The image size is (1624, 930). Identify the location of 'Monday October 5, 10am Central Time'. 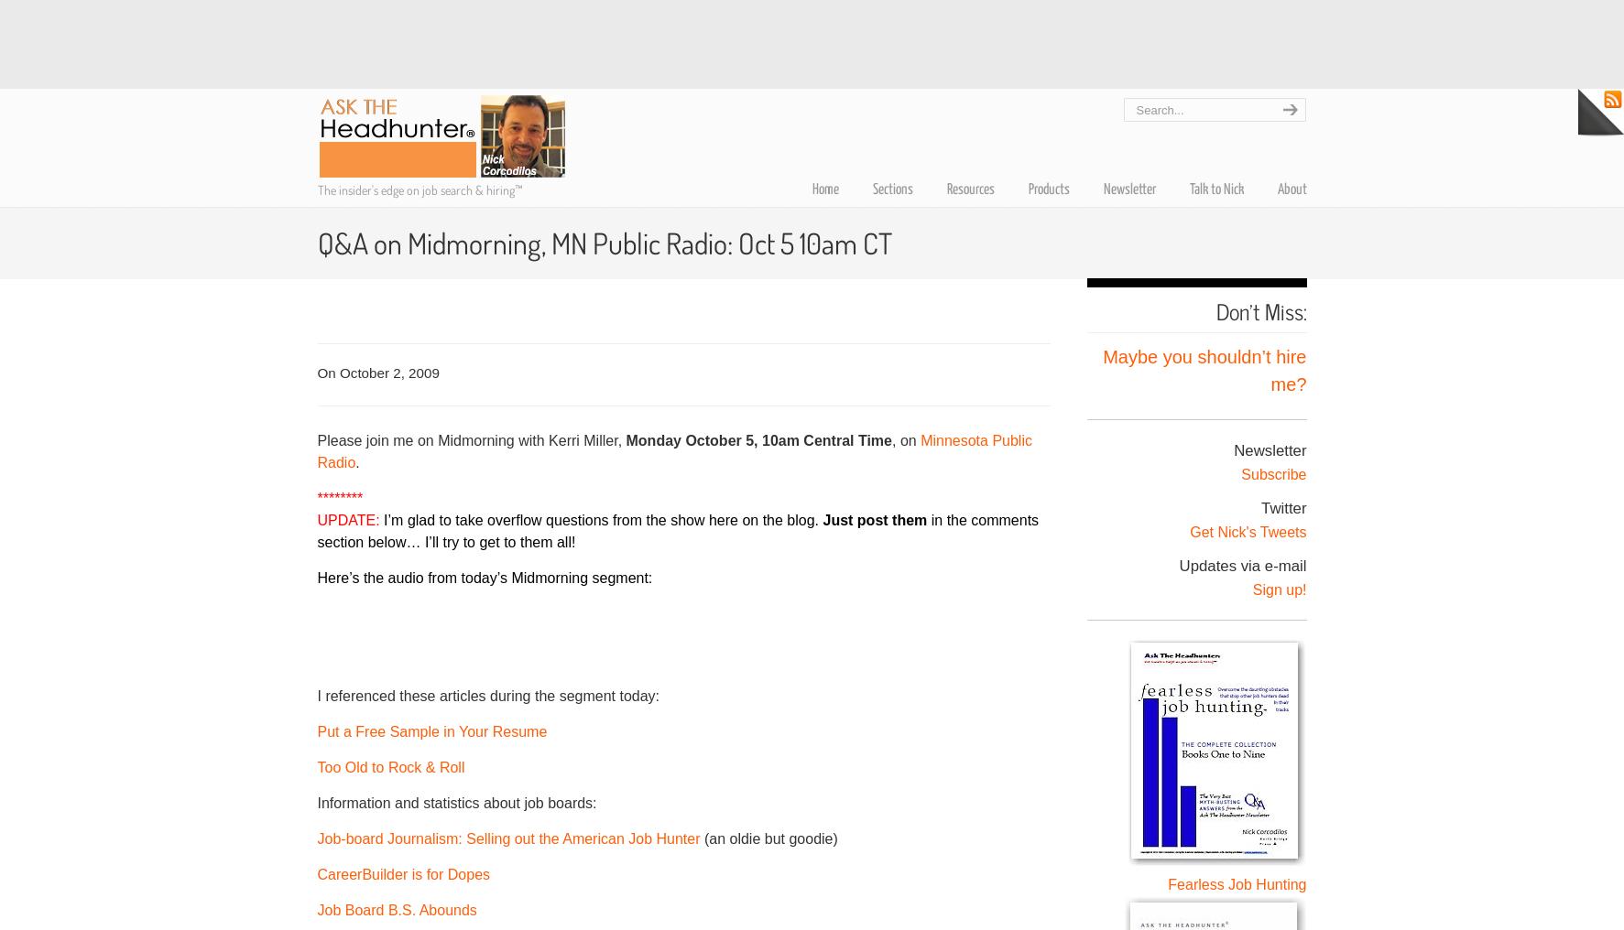
(757, 439).